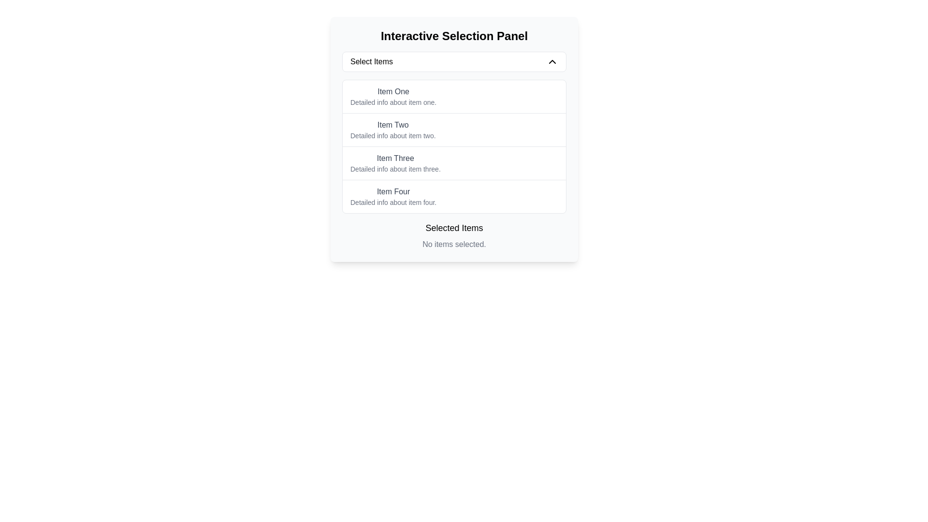 Image resolution: width=928 pixels, height=522 pixels. Describe the element at coordinates (393, 97) in the screenshot. I see `text displayed in the Text display block titled 'Item One,' which includes the subtitle 'Detailed info about item one.'` at that location.